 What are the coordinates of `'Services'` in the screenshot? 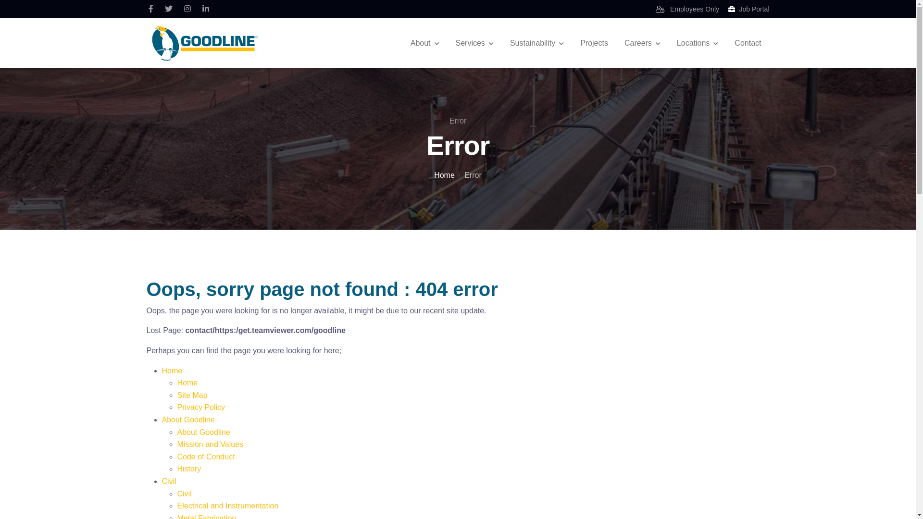 It's located at (474, 43).